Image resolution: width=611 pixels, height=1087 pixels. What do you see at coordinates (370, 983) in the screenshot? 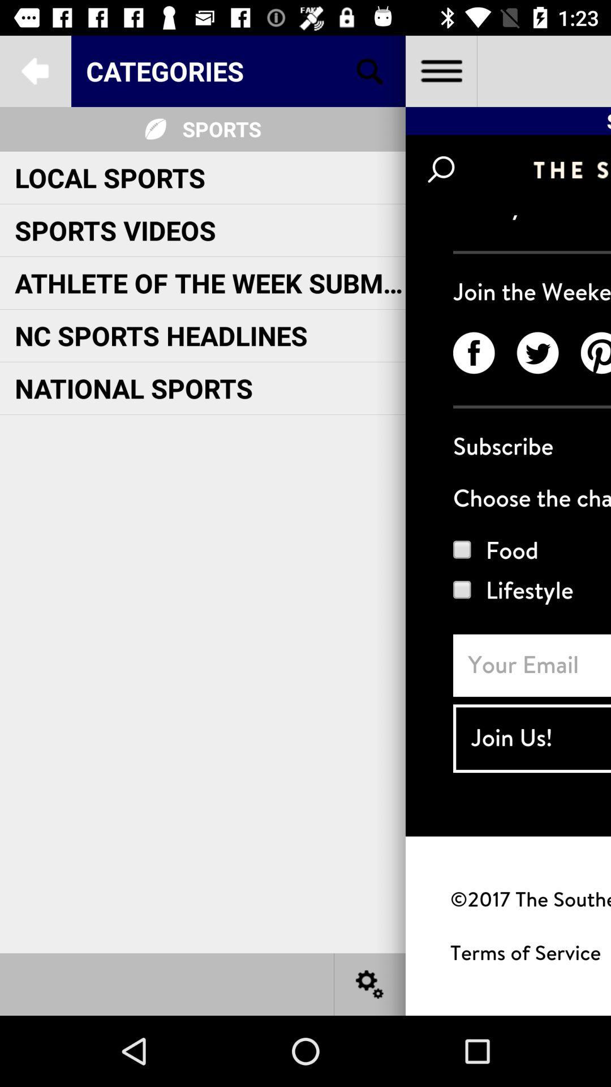
I see `the settings icon` at bounding box center [370, 983].